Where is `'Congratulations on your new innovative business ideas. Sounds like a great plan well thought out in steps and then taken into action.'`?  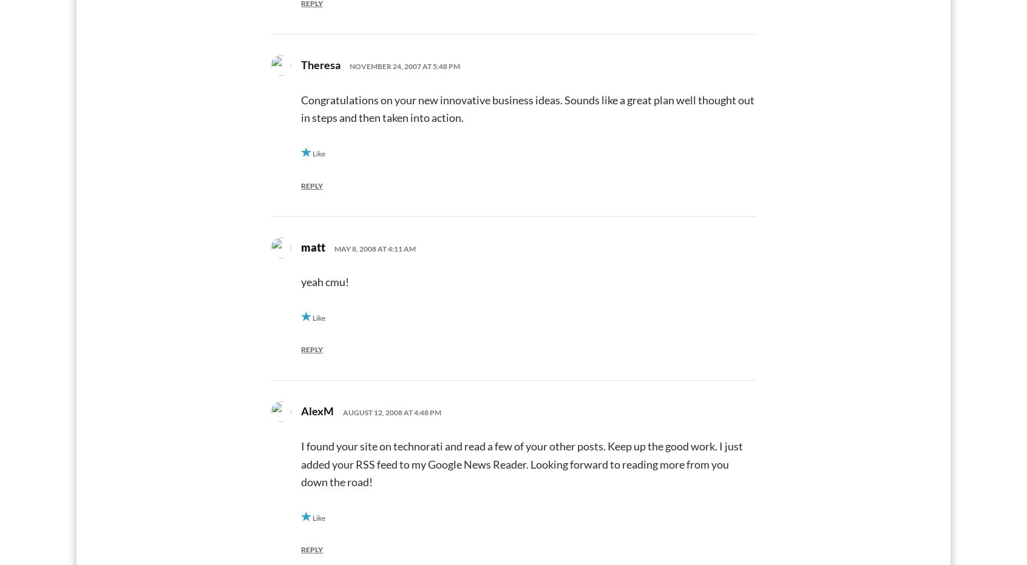 'Congratulations on your new innovative business ideas. Sounds like a great plan well thought out in steps and then taken into action.' is located at coordinates (300, 109).